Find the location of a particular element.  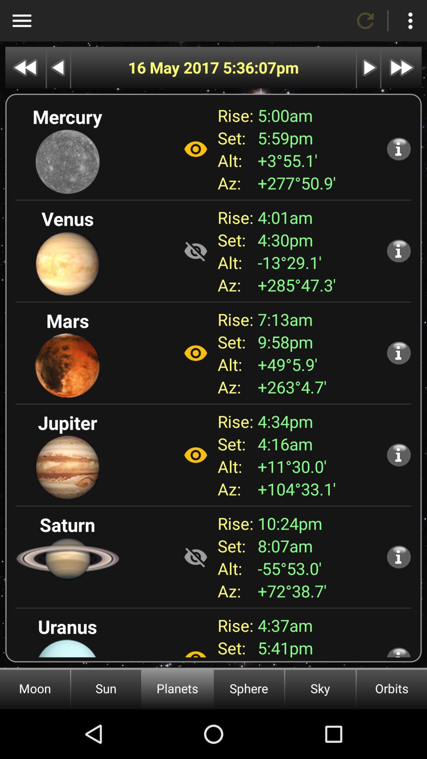

refresh the page is located at coordinates (365, 21).